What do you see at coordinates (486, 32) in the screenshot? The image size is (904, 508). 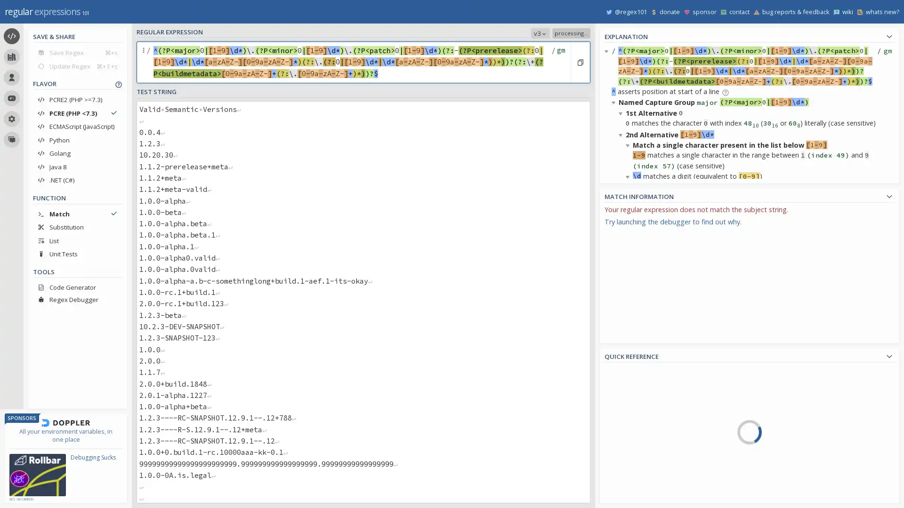 I see `Select Regex Version` at bounding box center [486, 32].